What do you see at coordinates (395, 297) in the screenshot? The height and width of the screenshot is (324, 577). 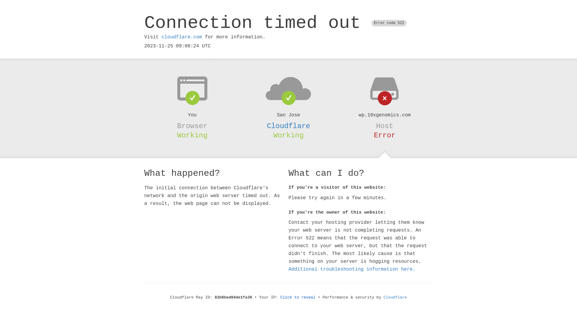 I see `'Cloudflare'` at bounding box center [395, 297].